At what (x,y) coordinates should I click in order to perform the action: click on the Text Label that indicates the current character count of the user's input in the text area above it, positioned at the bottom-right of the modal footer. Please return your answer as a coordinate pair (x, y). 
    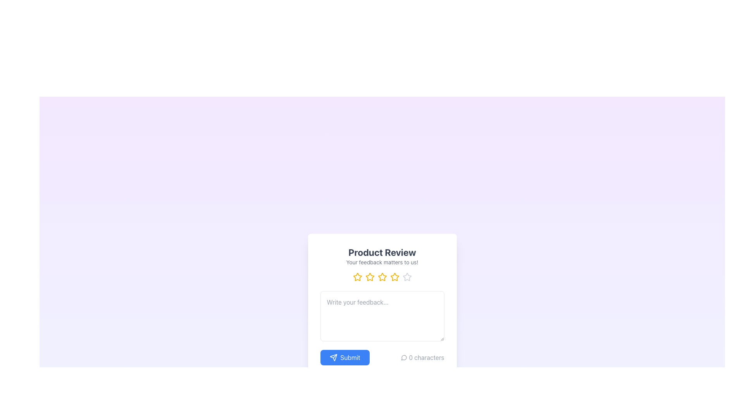
    Looking at the image, I should click on (422, 358).